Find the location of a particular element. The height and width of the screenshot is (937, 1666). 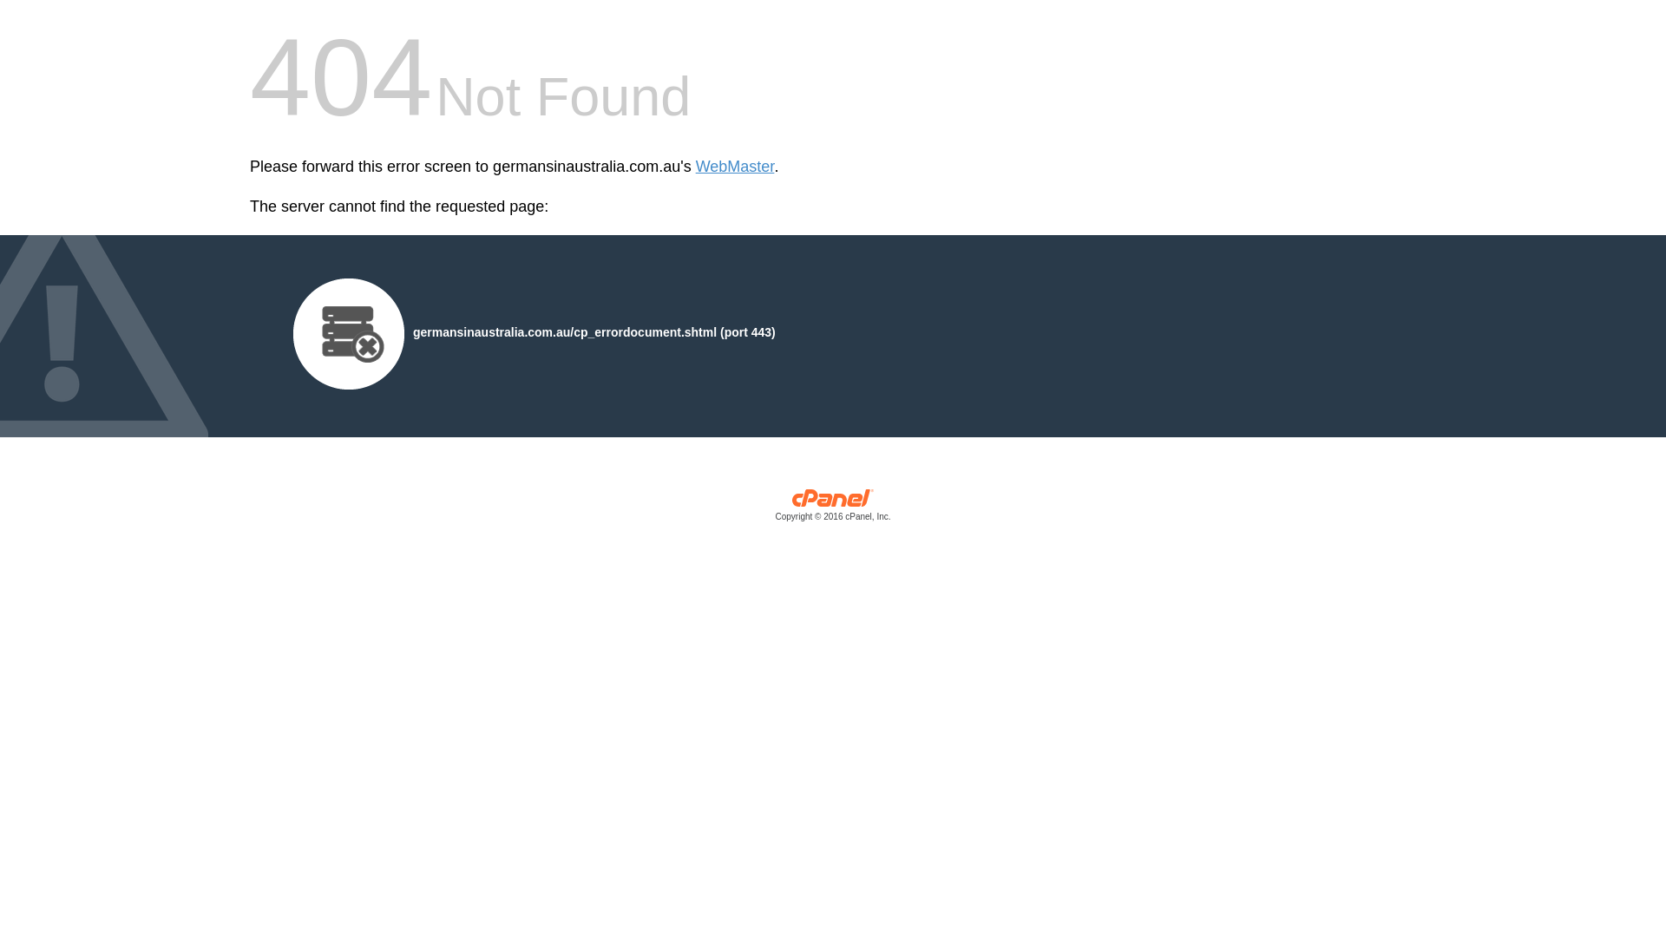

'WebMaster' is located at coordinates (735, 167).